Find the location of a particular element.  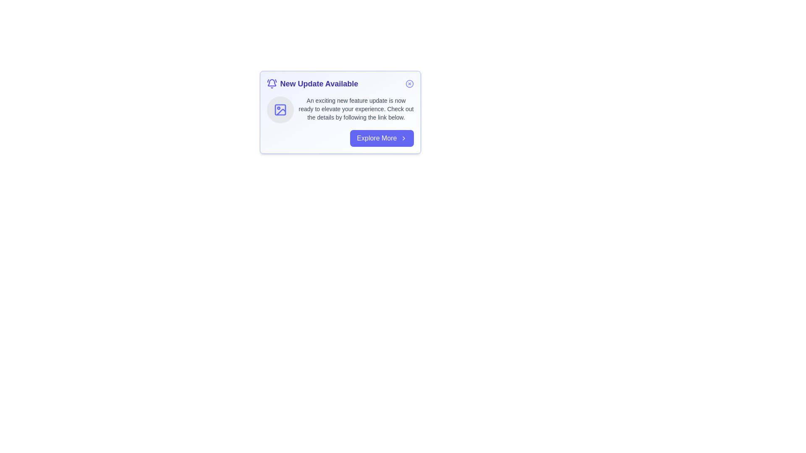

the 'Explore More' button to navigate to the next step is located at coordinates (381, 138).